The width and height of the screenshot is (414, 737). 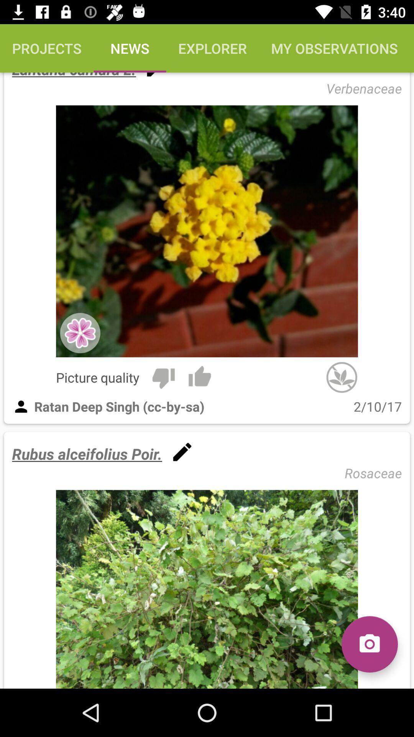 I want to click on rubus alceifolius poir. icon, so click(x=87, y=454).